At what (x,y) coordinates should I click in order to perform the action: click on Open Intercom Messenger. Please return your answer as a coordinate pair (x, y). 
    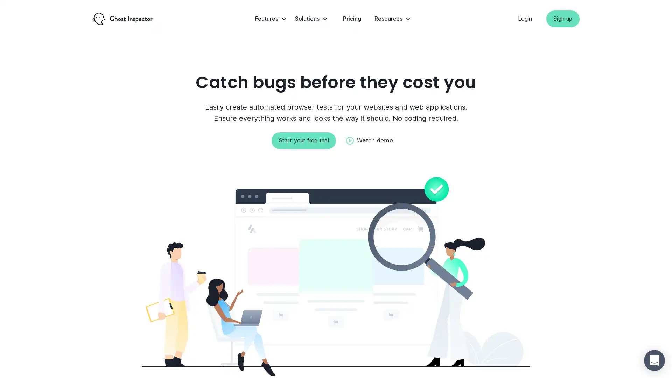
    Looking at the image, I should click on (654, 360).